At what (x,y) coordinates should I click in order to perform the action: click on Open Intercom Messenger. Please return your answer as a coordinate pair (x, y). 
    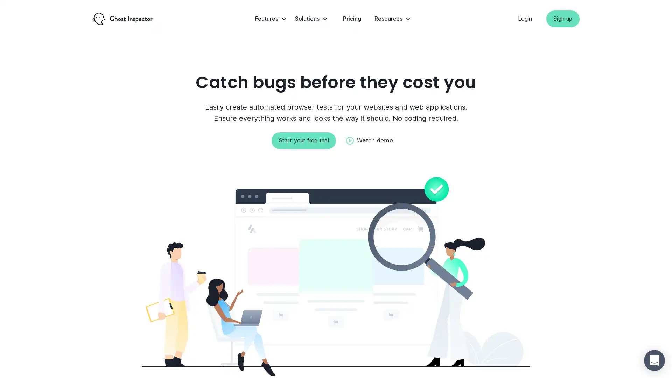
    Looking at the image, I should click on (654, 360).